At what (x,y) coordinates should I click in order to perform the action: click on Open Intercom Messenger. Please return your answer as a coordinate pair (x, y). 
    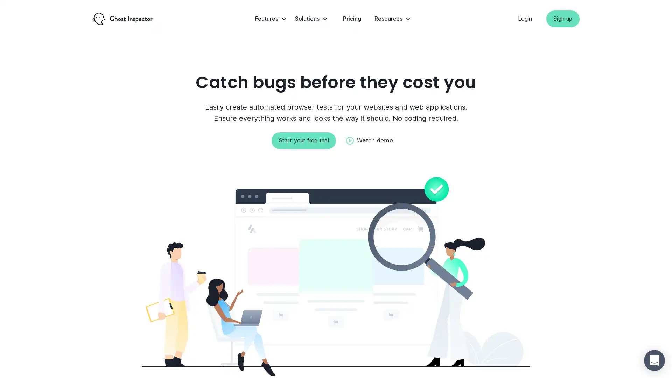
    Looking at the image, I should click on (654, 360).